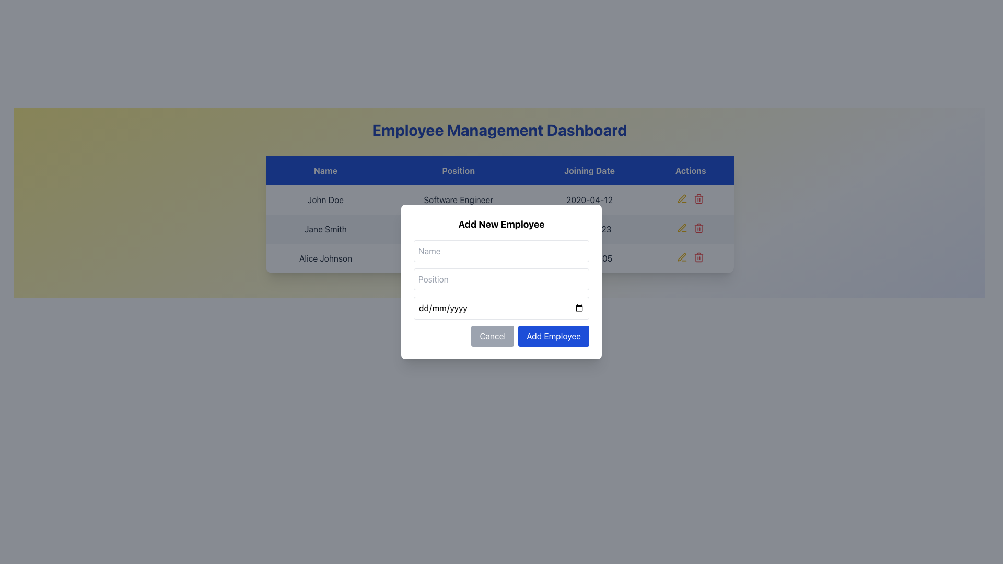  Describe the element at coordinates (325, 170) in the screenshot. I see `text label that serves as the column header for names, located at the top left of the table layout` at that location.